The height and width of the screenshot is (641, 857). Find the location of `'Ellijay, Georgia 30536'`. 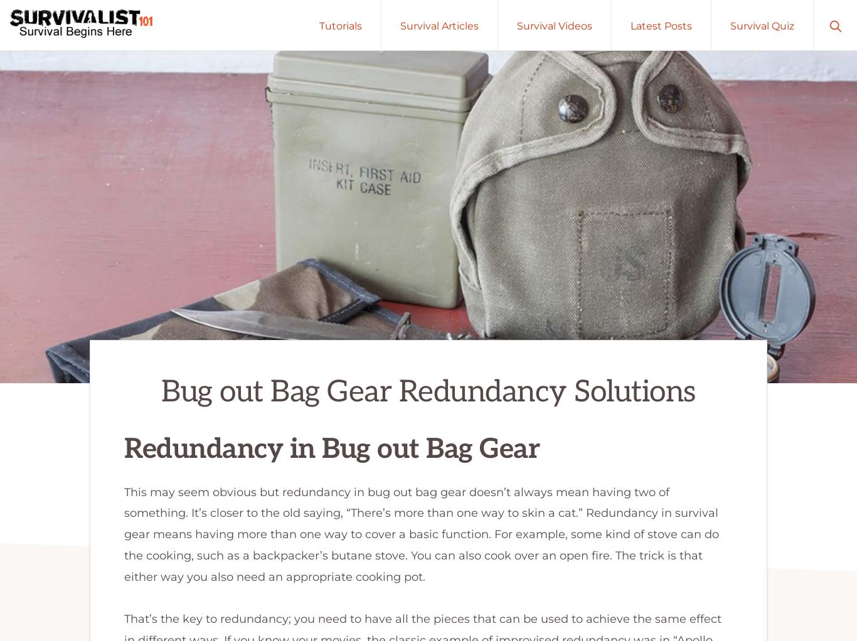

'Ellijay, Georgia 30536' is located at coordinates (114, 540).